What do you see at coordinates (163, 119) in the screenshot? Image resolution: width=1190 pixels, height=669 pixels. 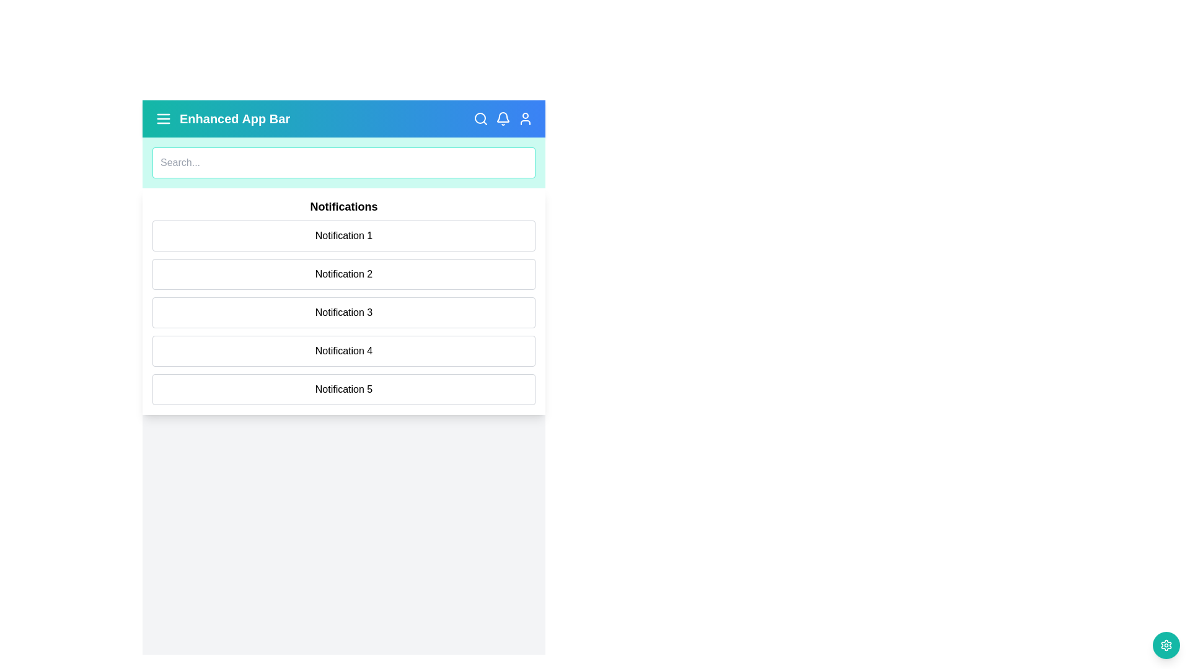 I see `the menu button in the app bar` at bounding box center [163, 119].